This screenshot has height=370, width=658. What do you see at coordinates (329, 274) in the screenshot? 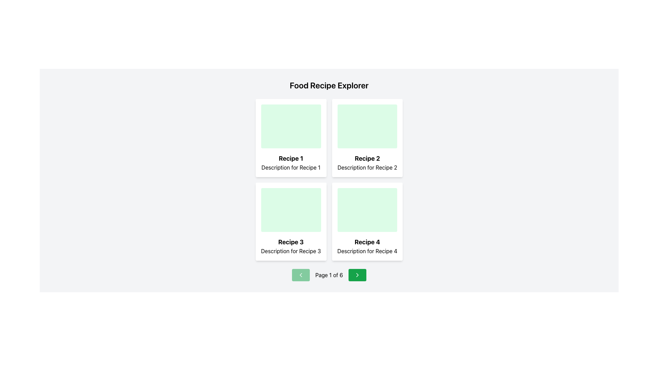
I see `pagination text displaying 'Page 1 of 6', which is styled in bold and located at the center-bottom of the interface, between two navigation buttons` at bounding box center [329, 274].